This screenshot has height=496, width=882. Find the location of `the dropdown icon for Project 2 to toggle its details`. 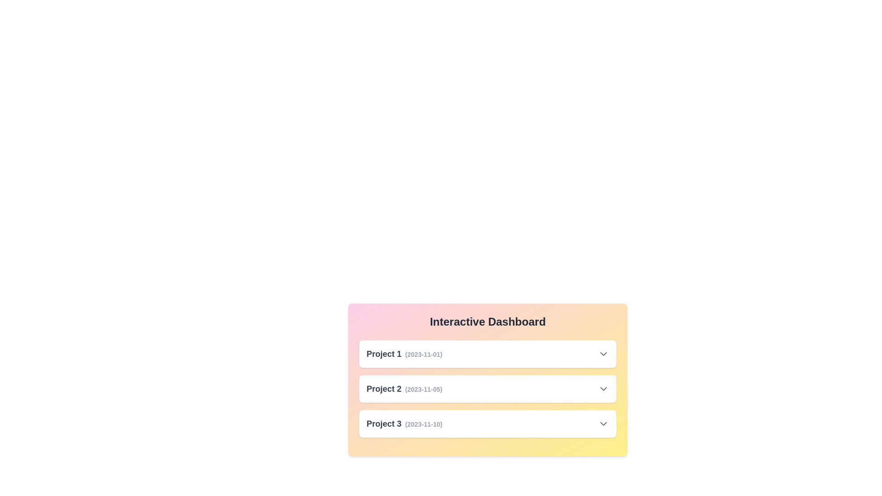

the dropdown icon for Project 2 to toggle its details is located at coordinates (604, 389).